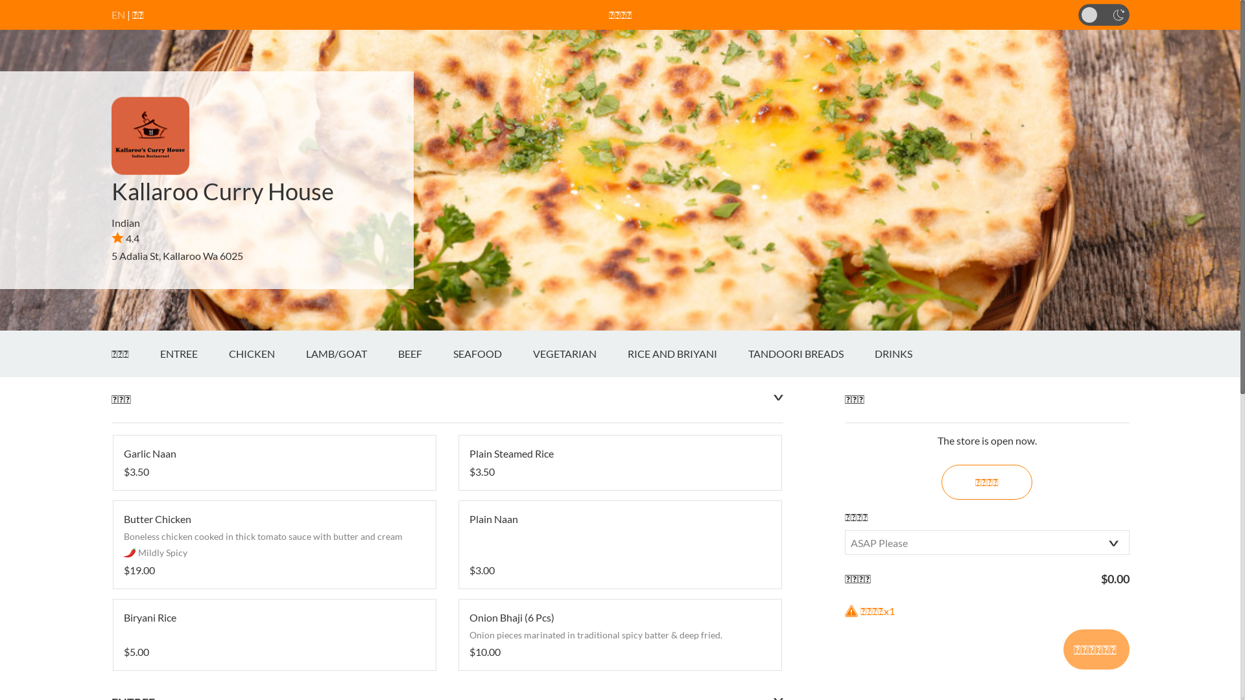 Image resolution: width=1245 pixels, height=700 pixels. Describe the element at coordinates (619, 544) in the screenshot. I see `'Plain Naan` at that location.